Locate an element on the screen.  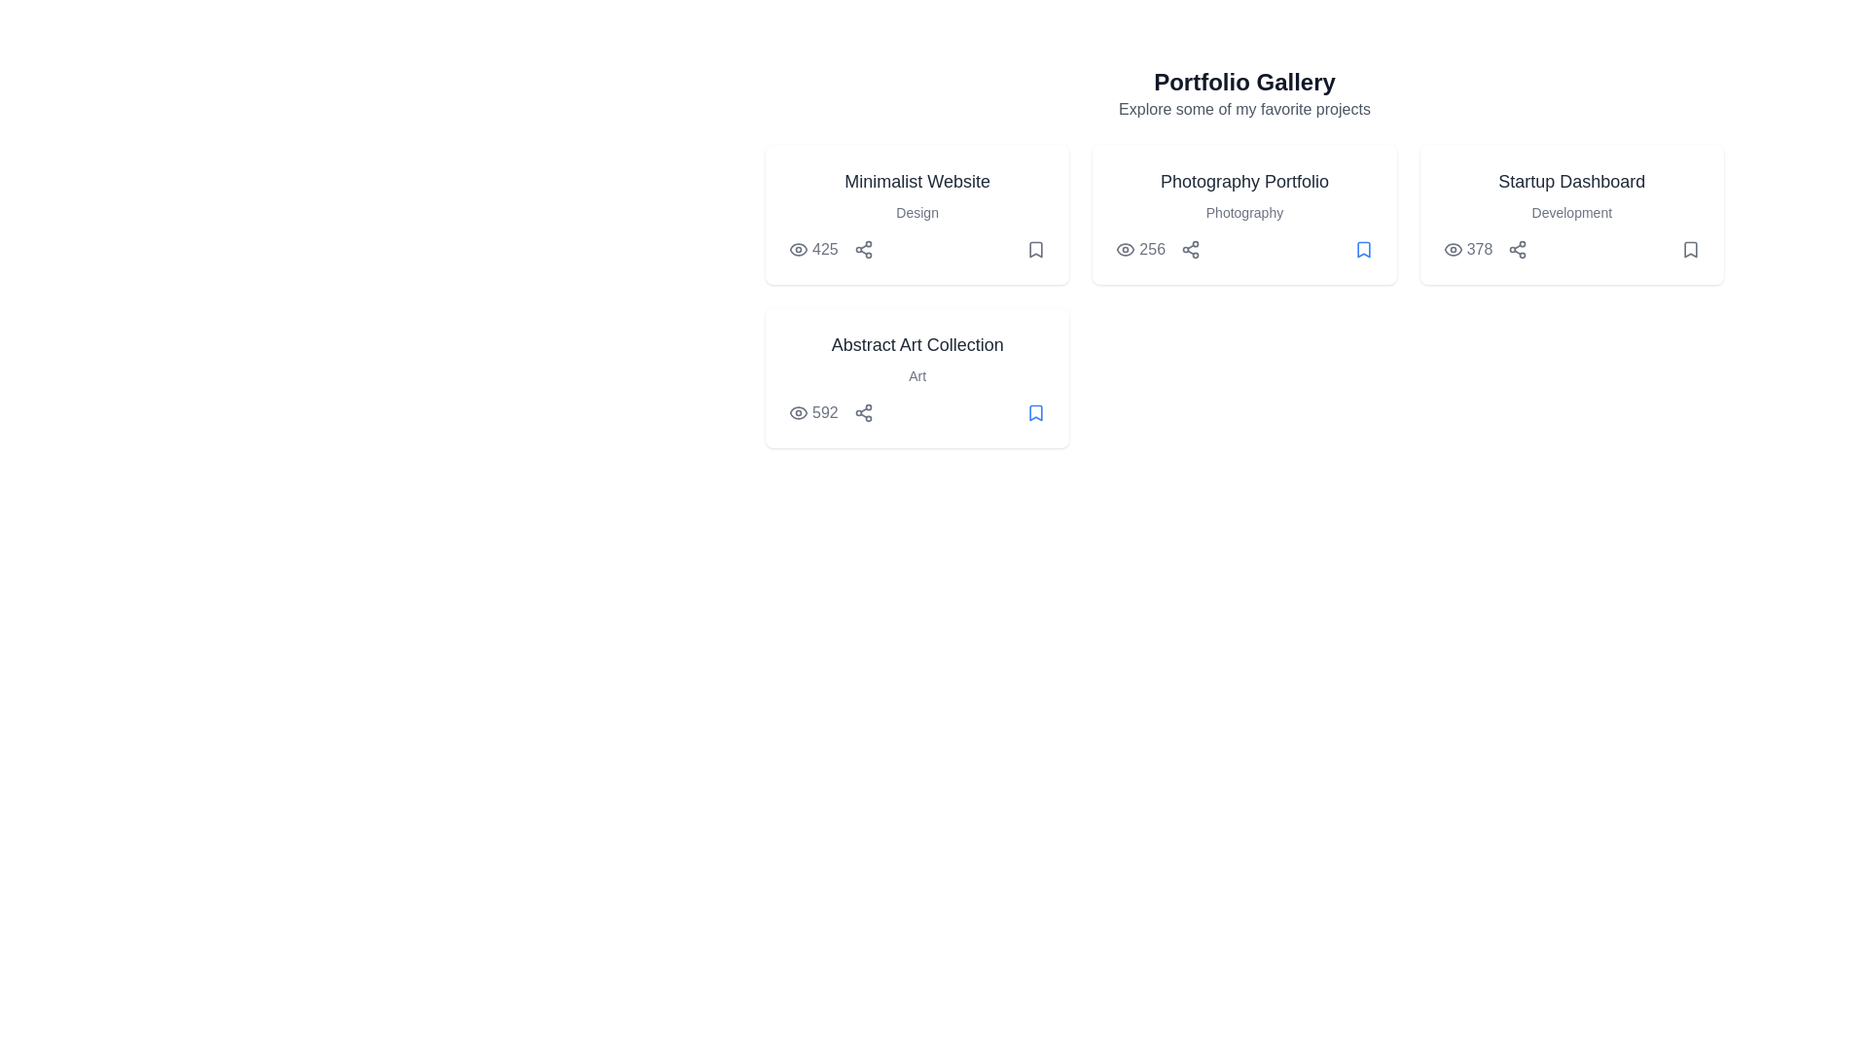
the static text element that reads 'Explore some of my favorite projects,' which is styled in lighter gray and positioned directly below the main title 'Portfolio Gallery.' is located at coordinates (1243, 109).